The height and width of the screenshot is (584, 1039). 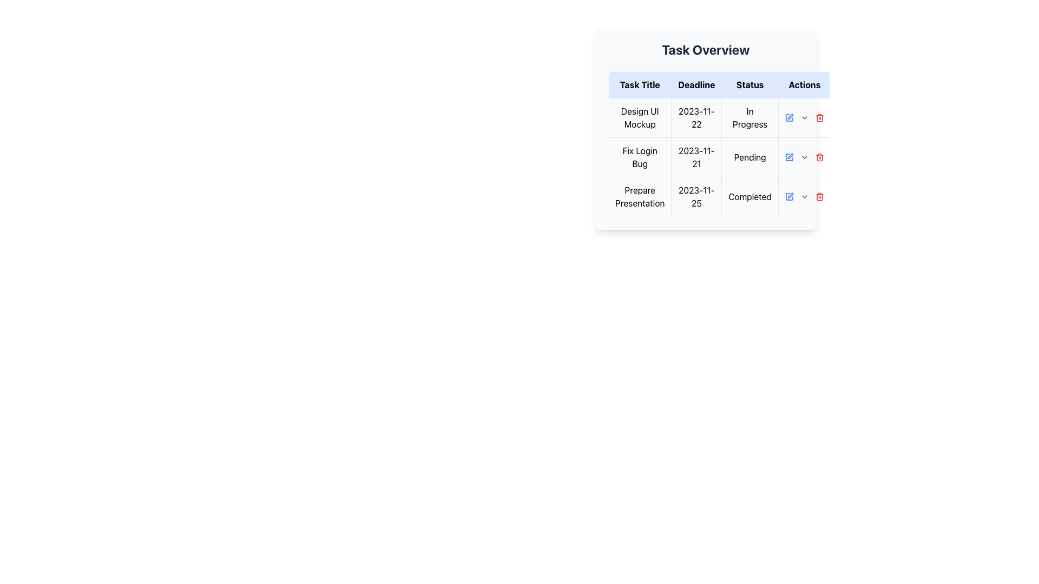 I want to click on the spacer element located in the 'Actions' column, specifically in the first row for the task 'Design UI Mockup', which is positioned between the blue edit icon and the red delete icon, so click(x=805, y=118).